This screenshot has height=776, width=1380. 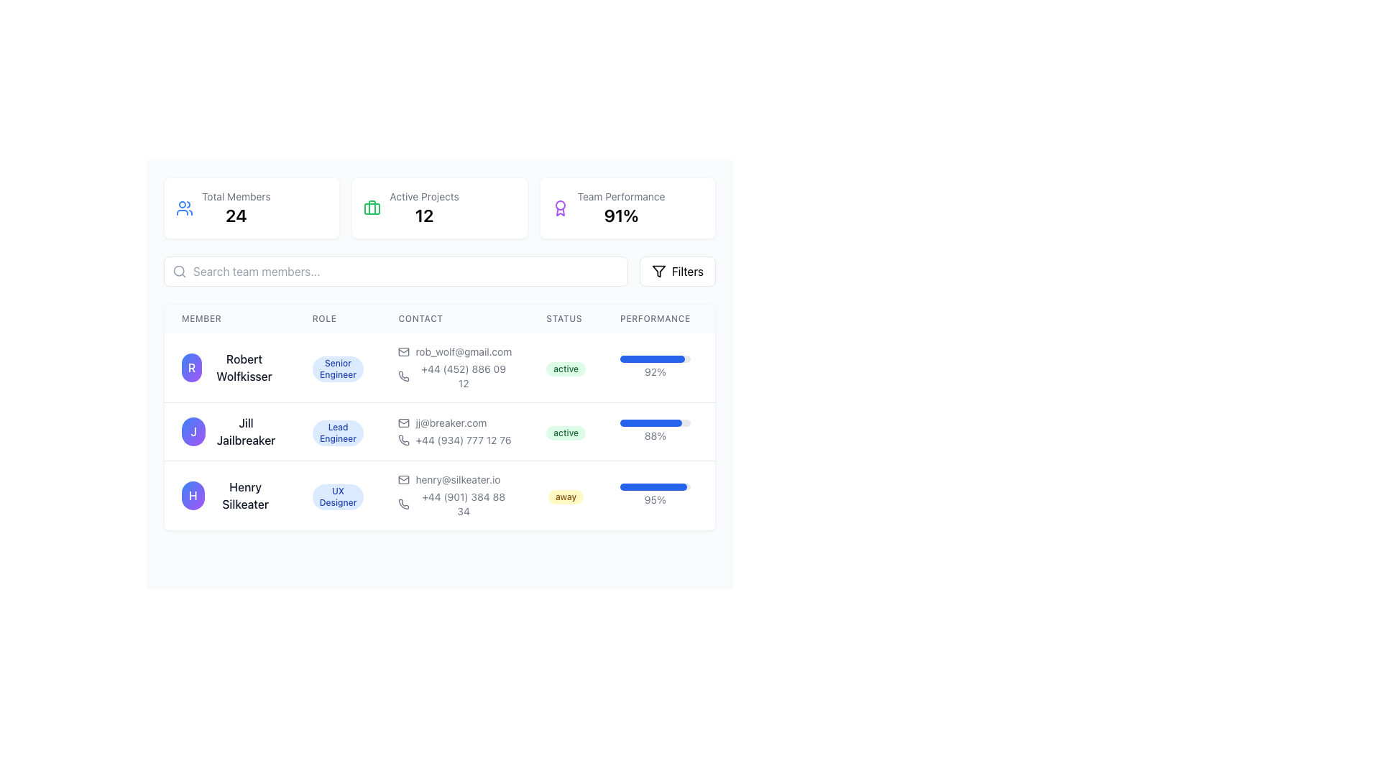 I want to click on the 'Filters' button, which is a rectangular button with rounded corners, featuring a white background and a light gray border, displaying bold black text with a filter icon on its left, so click(x=676, y=272).